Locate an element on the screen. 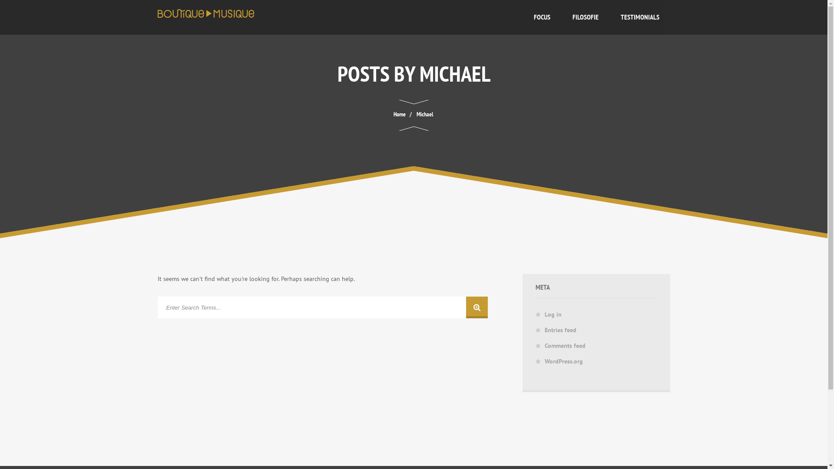  'WordPress.org' is located at coordinates (563, 361).